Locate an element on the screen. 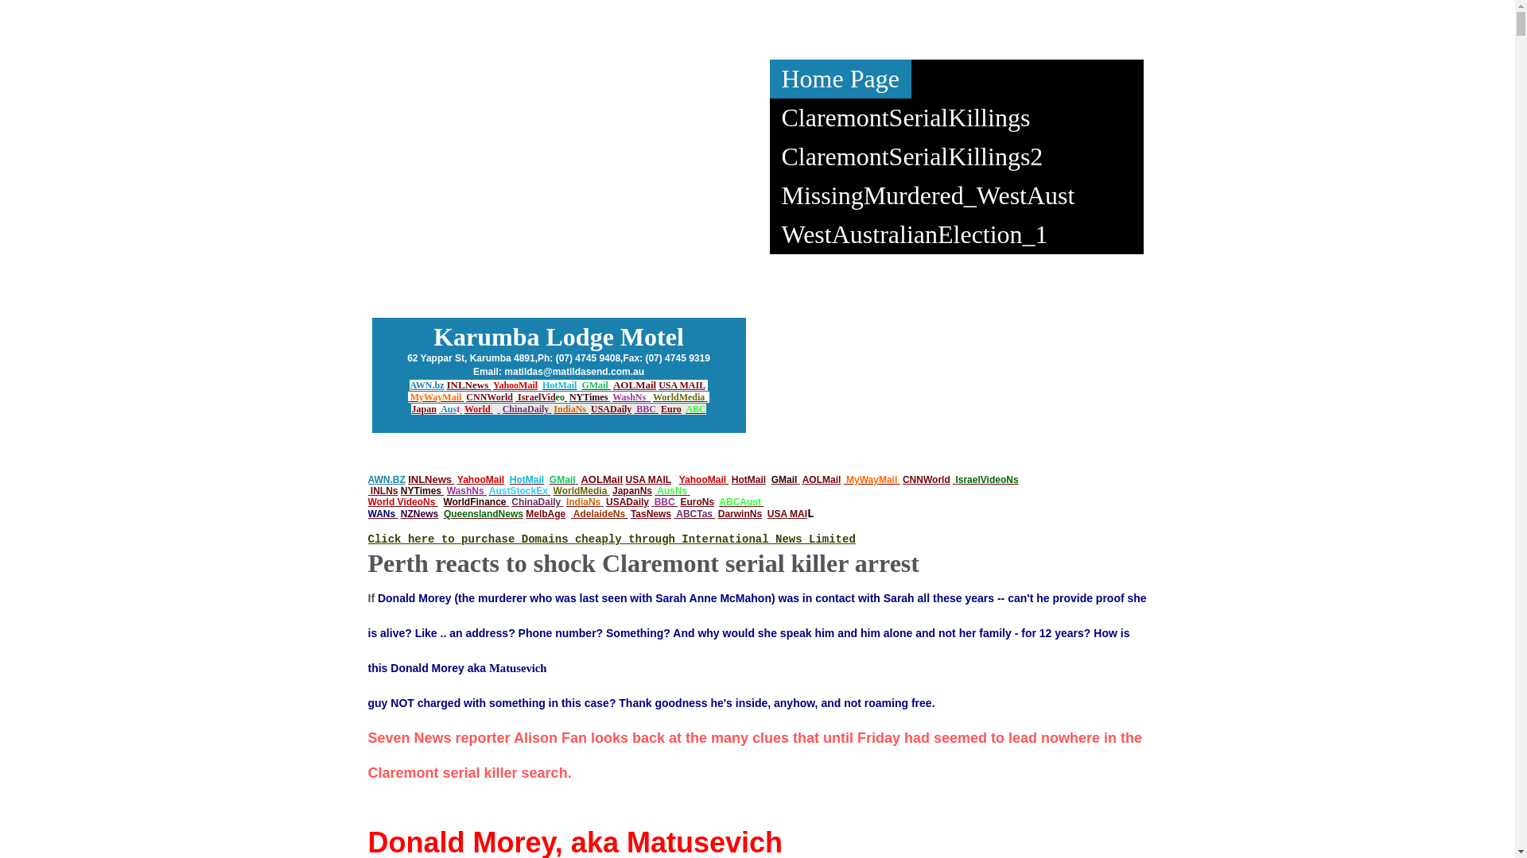 Image resolution: width=1527 pixels, height=858 pixels. 'INLNs' is located at coordinates (384, 489).